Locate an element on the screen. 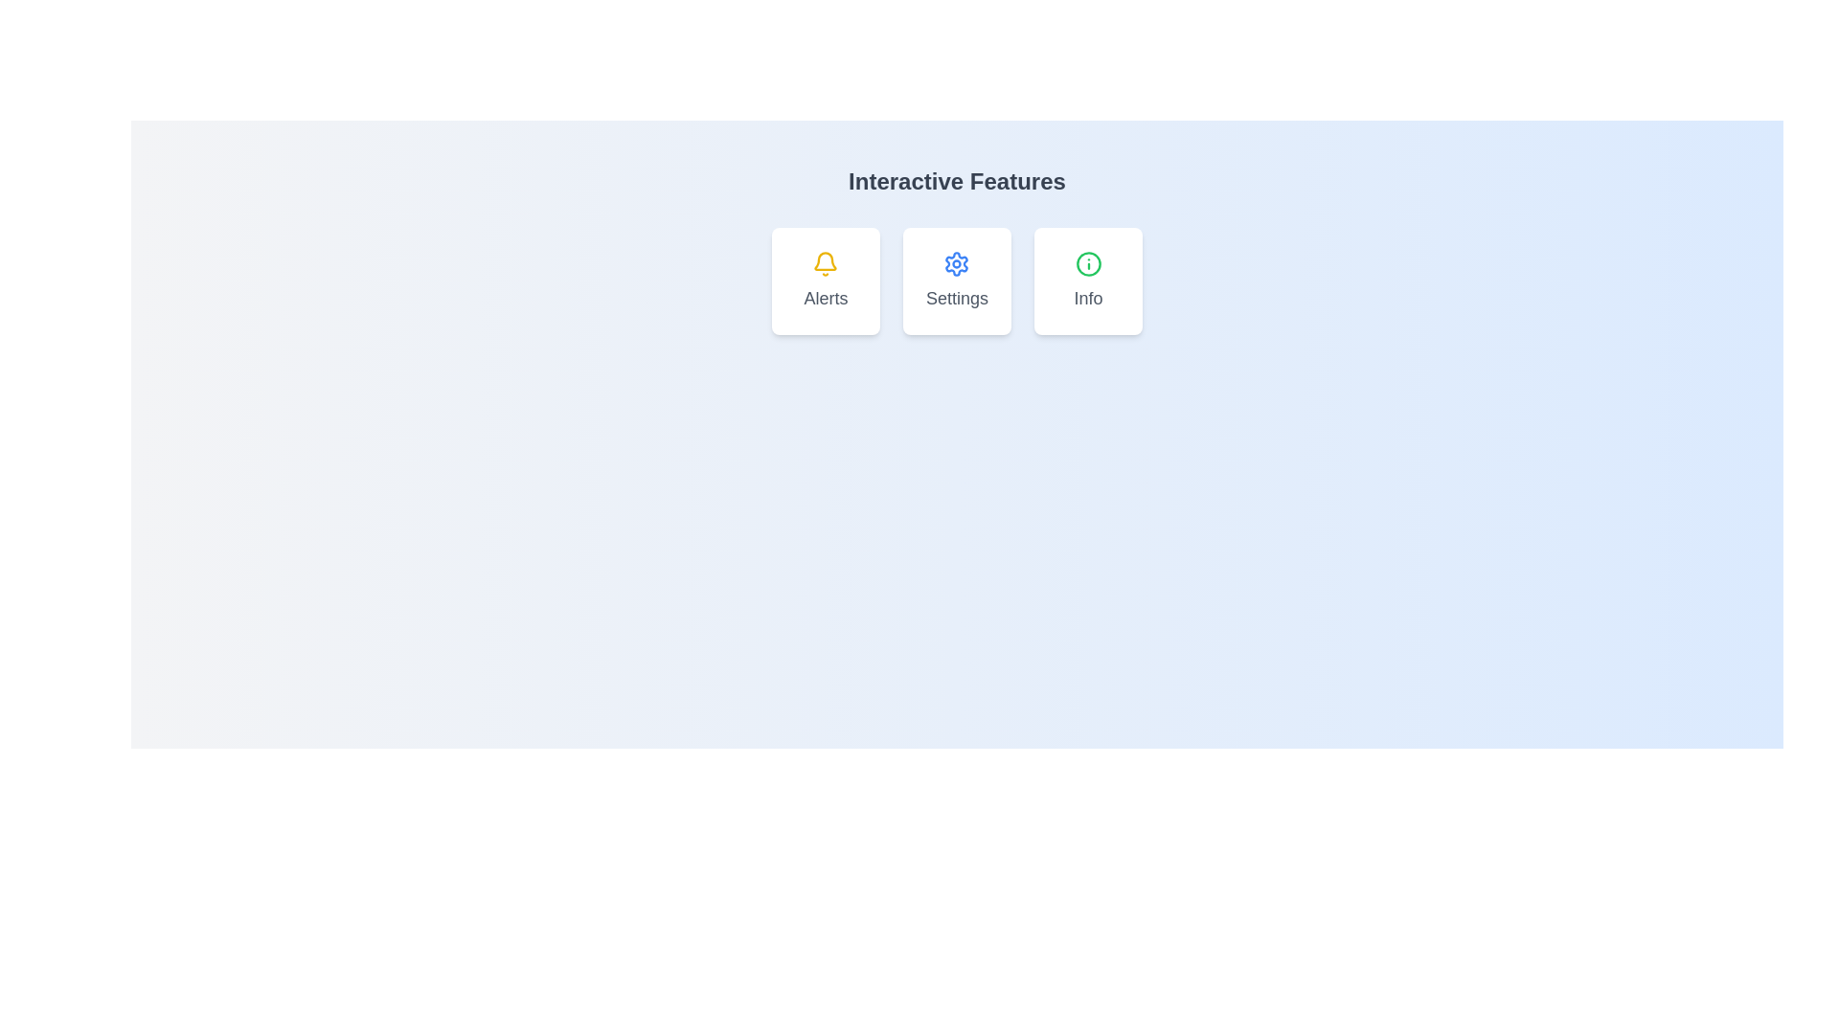 This screenshot has height=1034, width=1839. the yellow bell icon located at the top of the 'Alerts' card, centered above the text label 'Alerts' is located at coordinates (826, 264).